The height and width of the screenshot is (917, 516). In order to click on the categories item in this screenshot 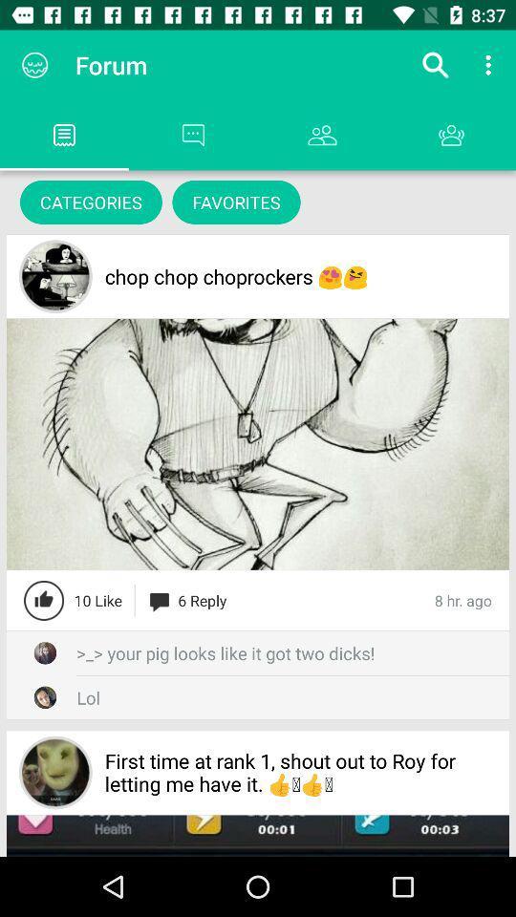, I will do `click(90, 202)`.